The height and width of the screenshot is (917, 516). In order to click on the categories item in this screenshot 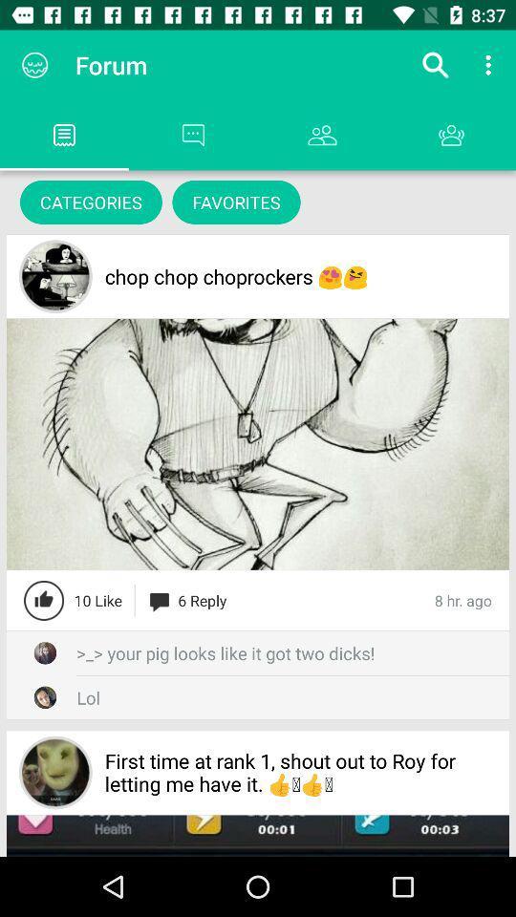, I will do `click(90, 202)`.